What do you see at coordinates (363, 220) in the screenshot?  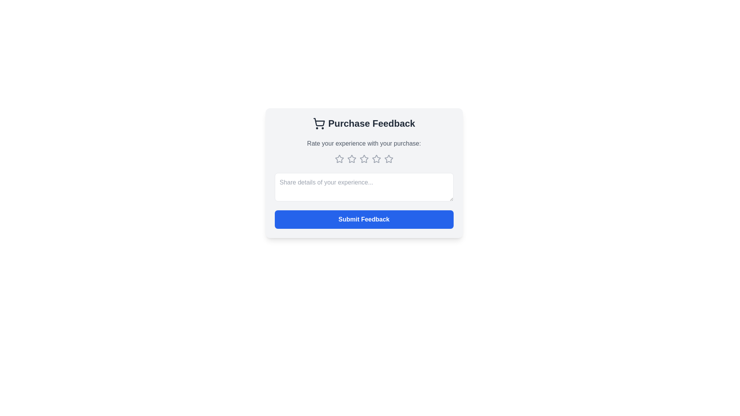 I see `the 'Submit Feedback' button, which is a rectangular button with a blue background and white bold text, located at the bottom of the feedback card interface` at bounding box center [363, 220].